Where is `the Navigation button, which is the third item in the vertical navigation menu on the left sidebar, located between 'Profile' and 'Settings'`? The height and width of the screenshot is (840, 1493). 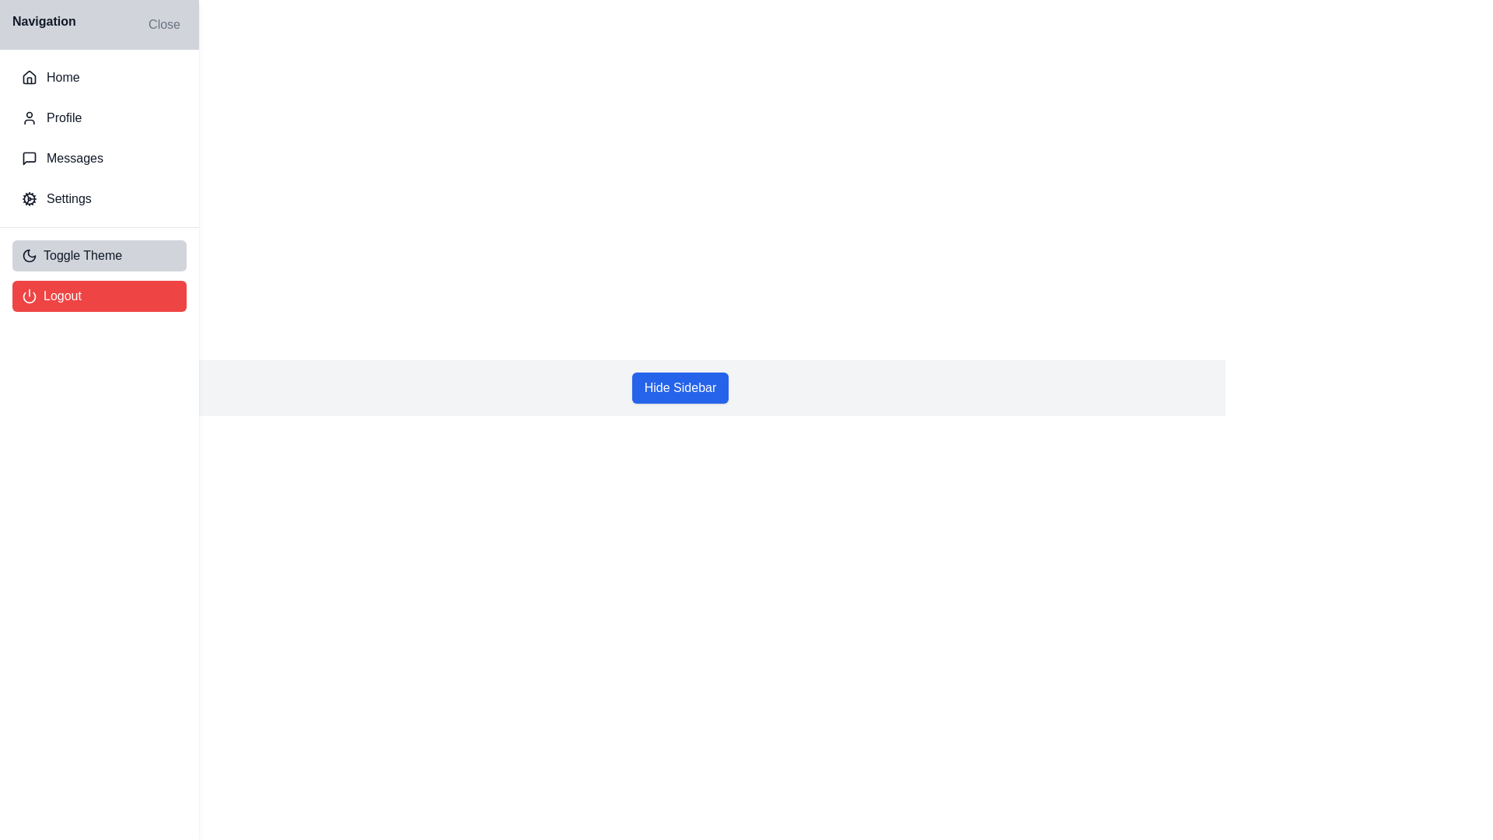 the Navigation button, which is the third item in the vertical navigation menu on the left sidebar, located between 'Profile' and 'Settings' is located at coordinates (99, 159).